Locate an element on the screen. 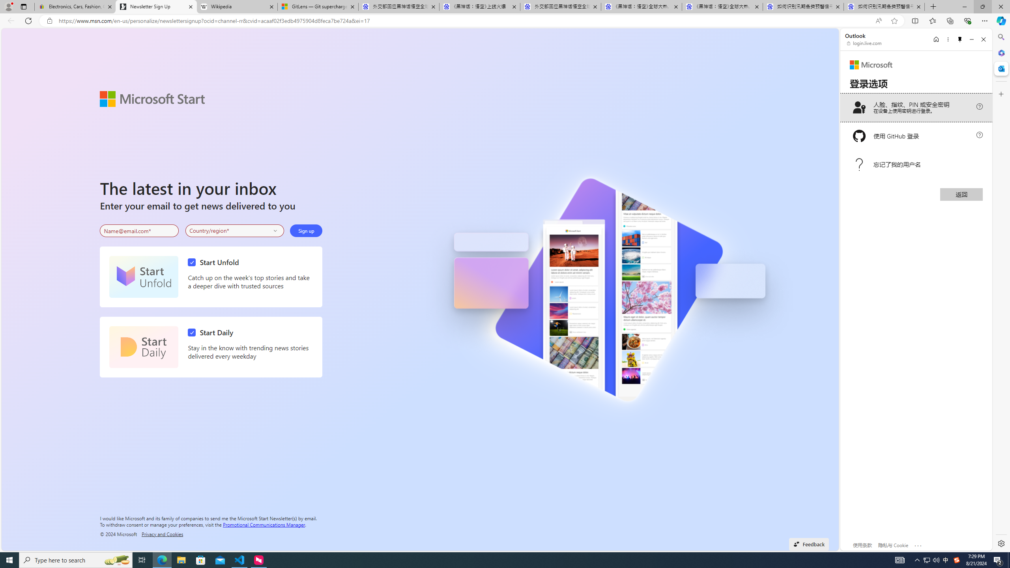  'login.live.com' is located at coordinates (864, 43).